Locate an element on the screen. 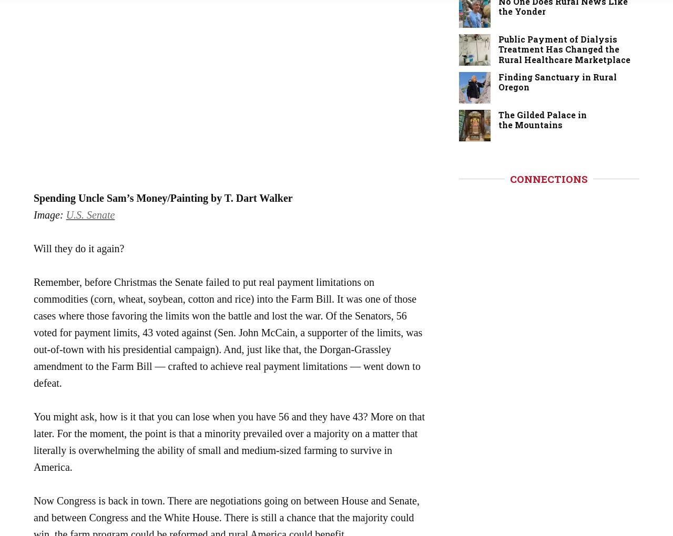 This screenshot has height=536, width=673. 'Will they do it again?' is located at coordinates (34, 248).